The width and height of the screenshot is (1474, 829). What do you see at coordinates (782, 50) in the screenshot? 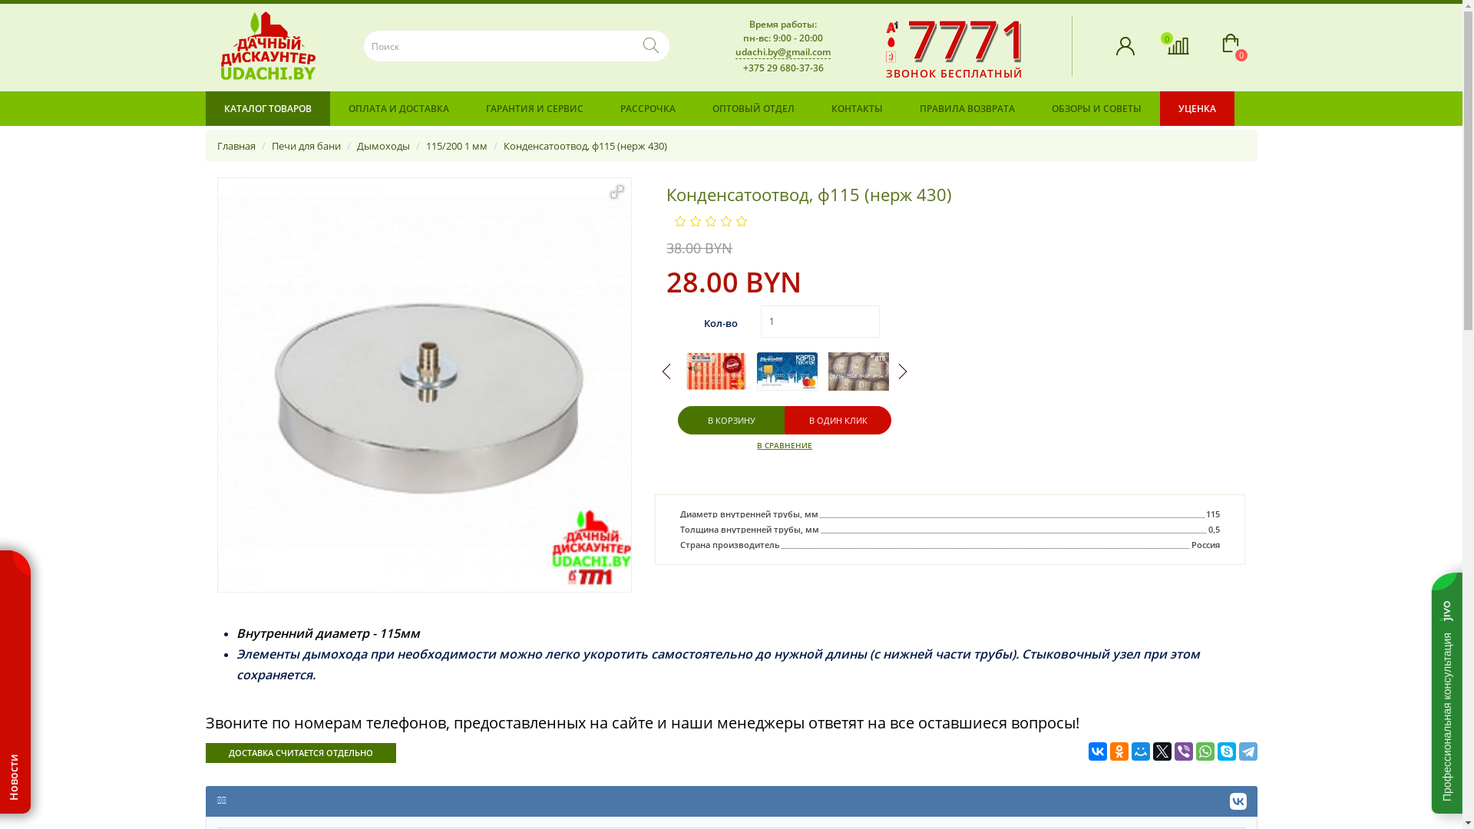
I see `'udachi.by@gmail.com'` at bounding box center [782, 50].